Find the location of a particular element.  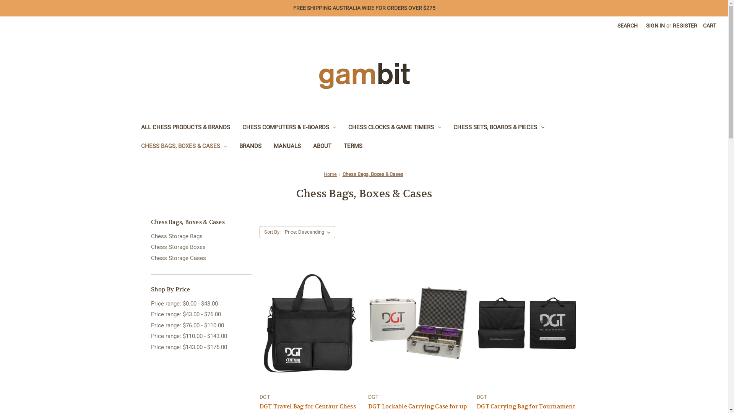

'Price range: $0.00 - $43.00' is located at coordinates (201, 303).